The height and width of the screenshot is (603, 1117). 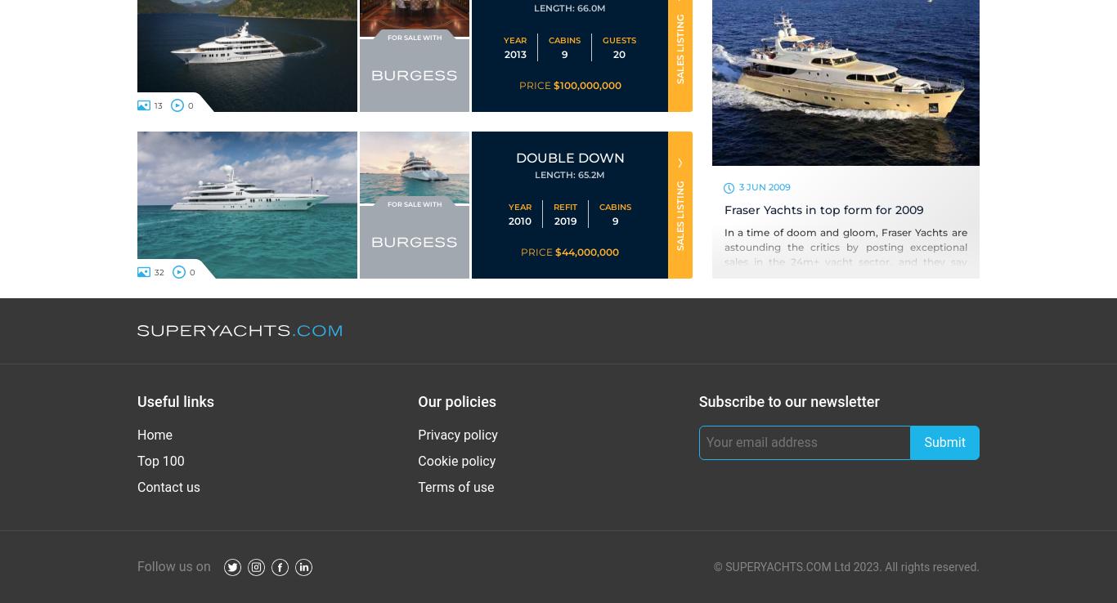 What do you see at coordinates (137, 434) in the screenshot?
I see `'Home'` at bounding box center [137, 434].